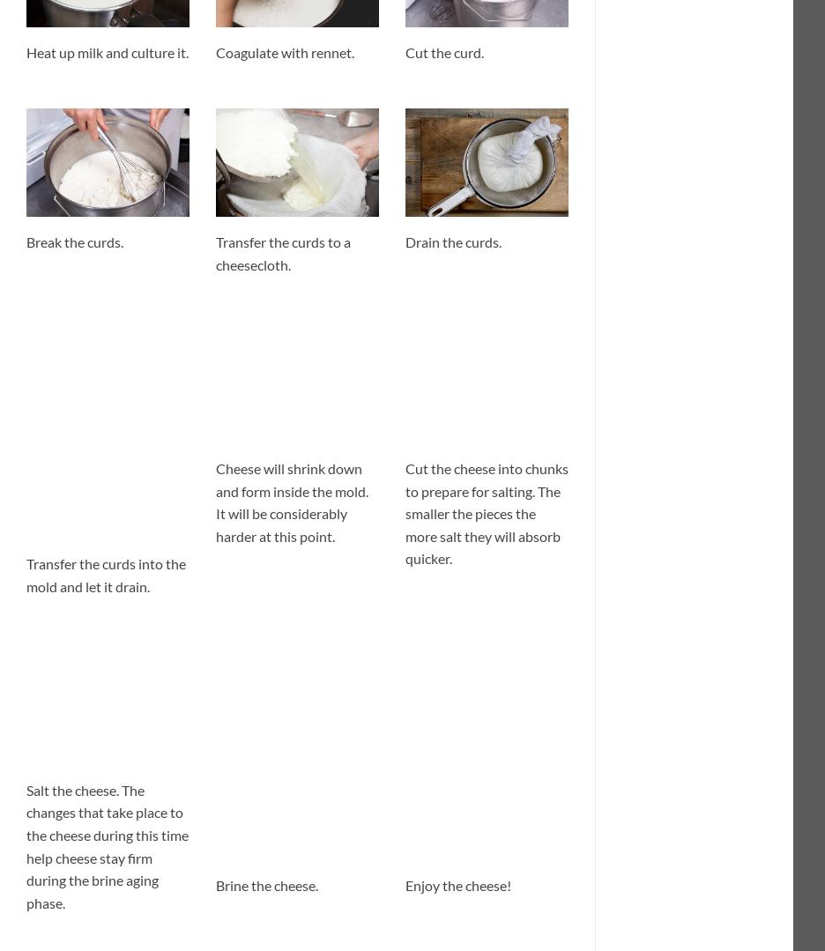 The image size is (825, 951). What do you see at coordinates (106, 573) in the screenshot?
I see `'Transfer the curds into the mold and let it drain.'` at bounding box center [106, 573].